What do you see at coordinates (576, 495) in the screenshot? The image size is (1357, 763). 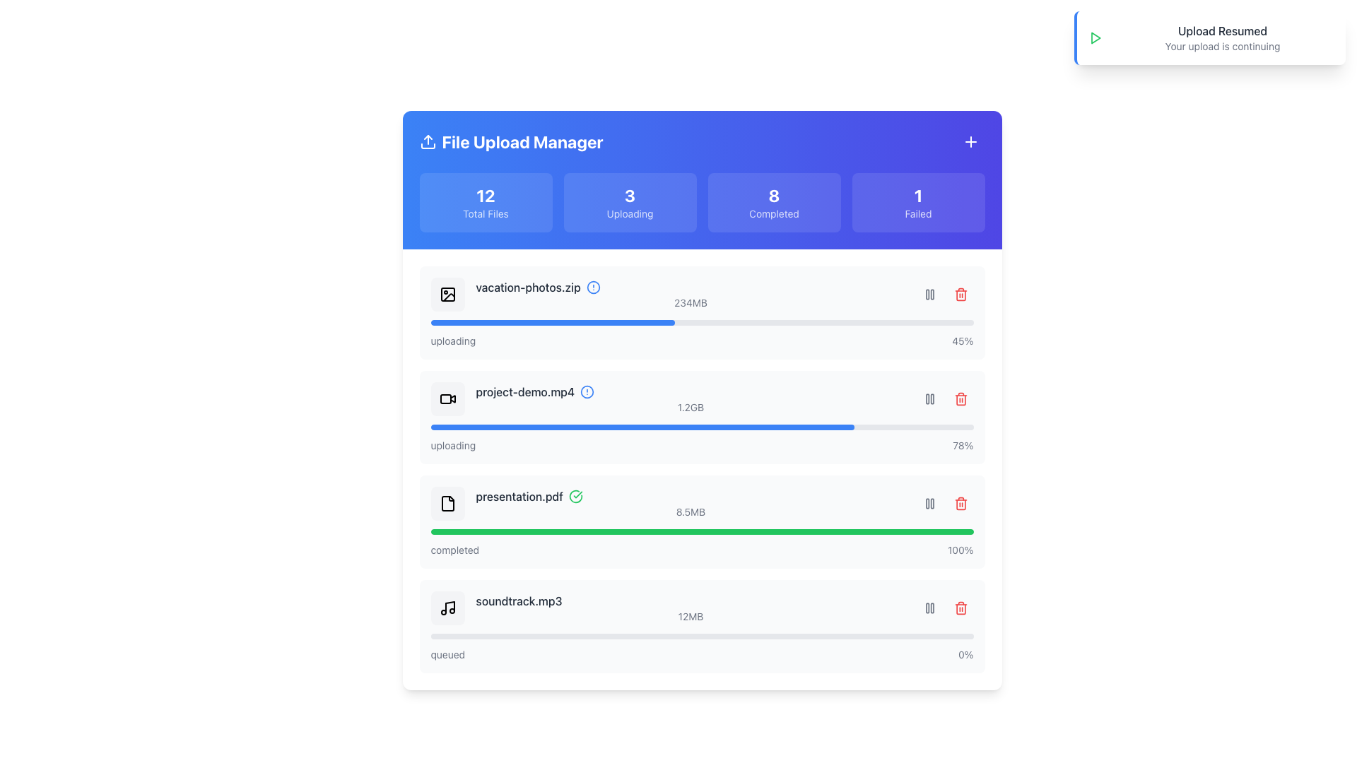 I see `the green circular icon with a check mark located to the right of 'presentation.pdf' in the third row of the file list` at bounding box center [576, 495].